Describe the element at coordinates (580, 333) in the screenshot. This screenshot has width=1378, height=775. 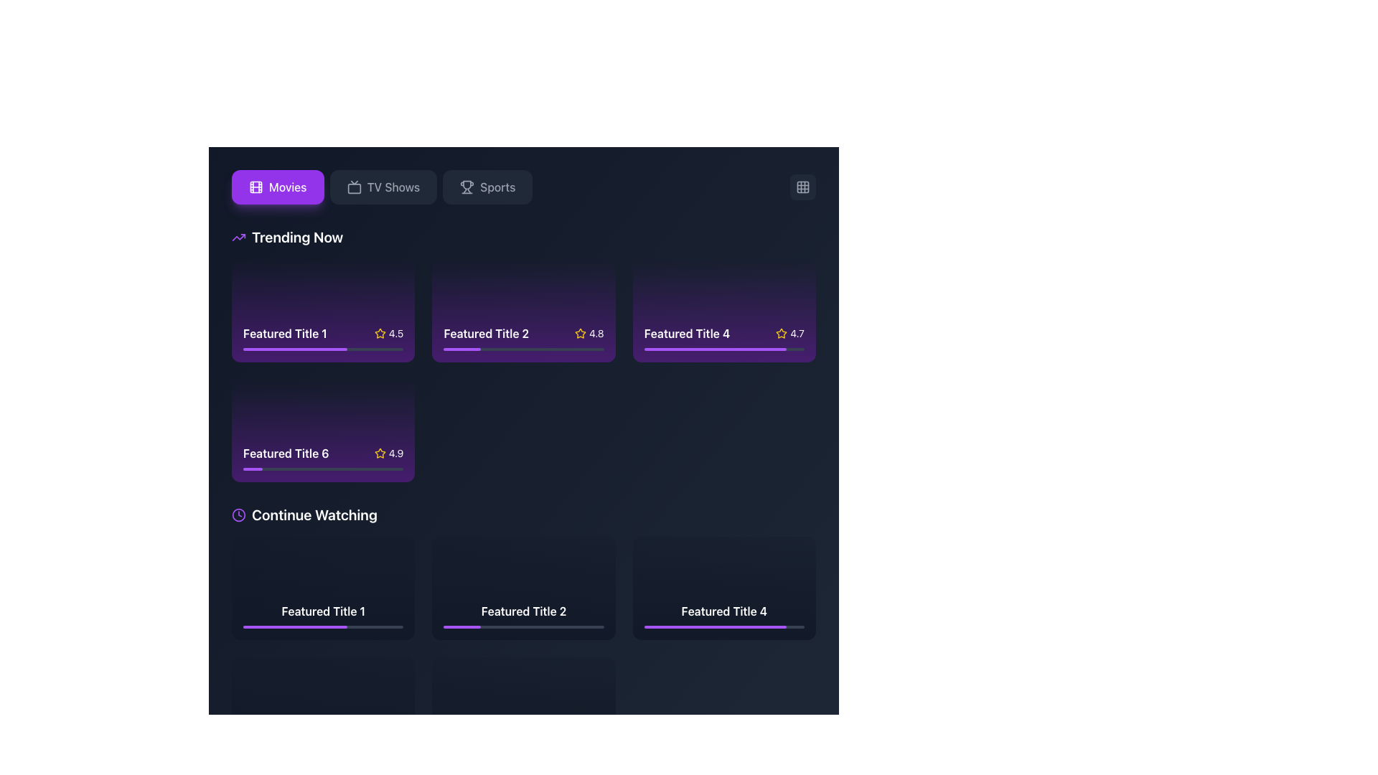
I see `star icon with a yellow outline and a purple background, which is part of the rating interface next to the text '4.8'` at that location.